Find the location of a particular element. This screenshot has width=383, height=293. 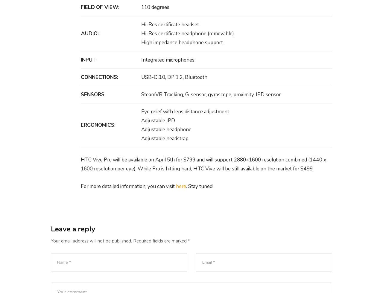

'Hi-Res certificate headphone (removable)' is located at coordinates (187, 33).